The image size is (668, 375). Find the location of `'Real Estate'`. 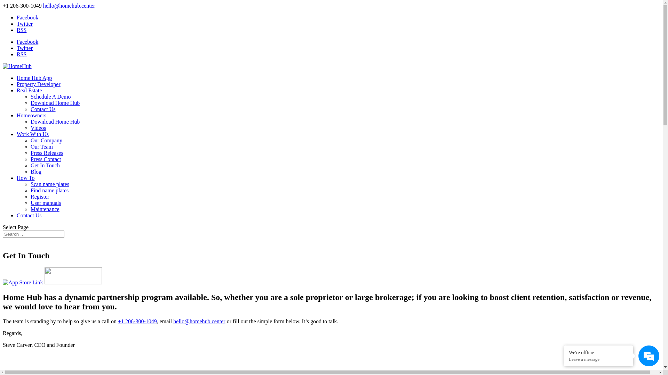

'Real Estate' is located at coordinates (29, 90).